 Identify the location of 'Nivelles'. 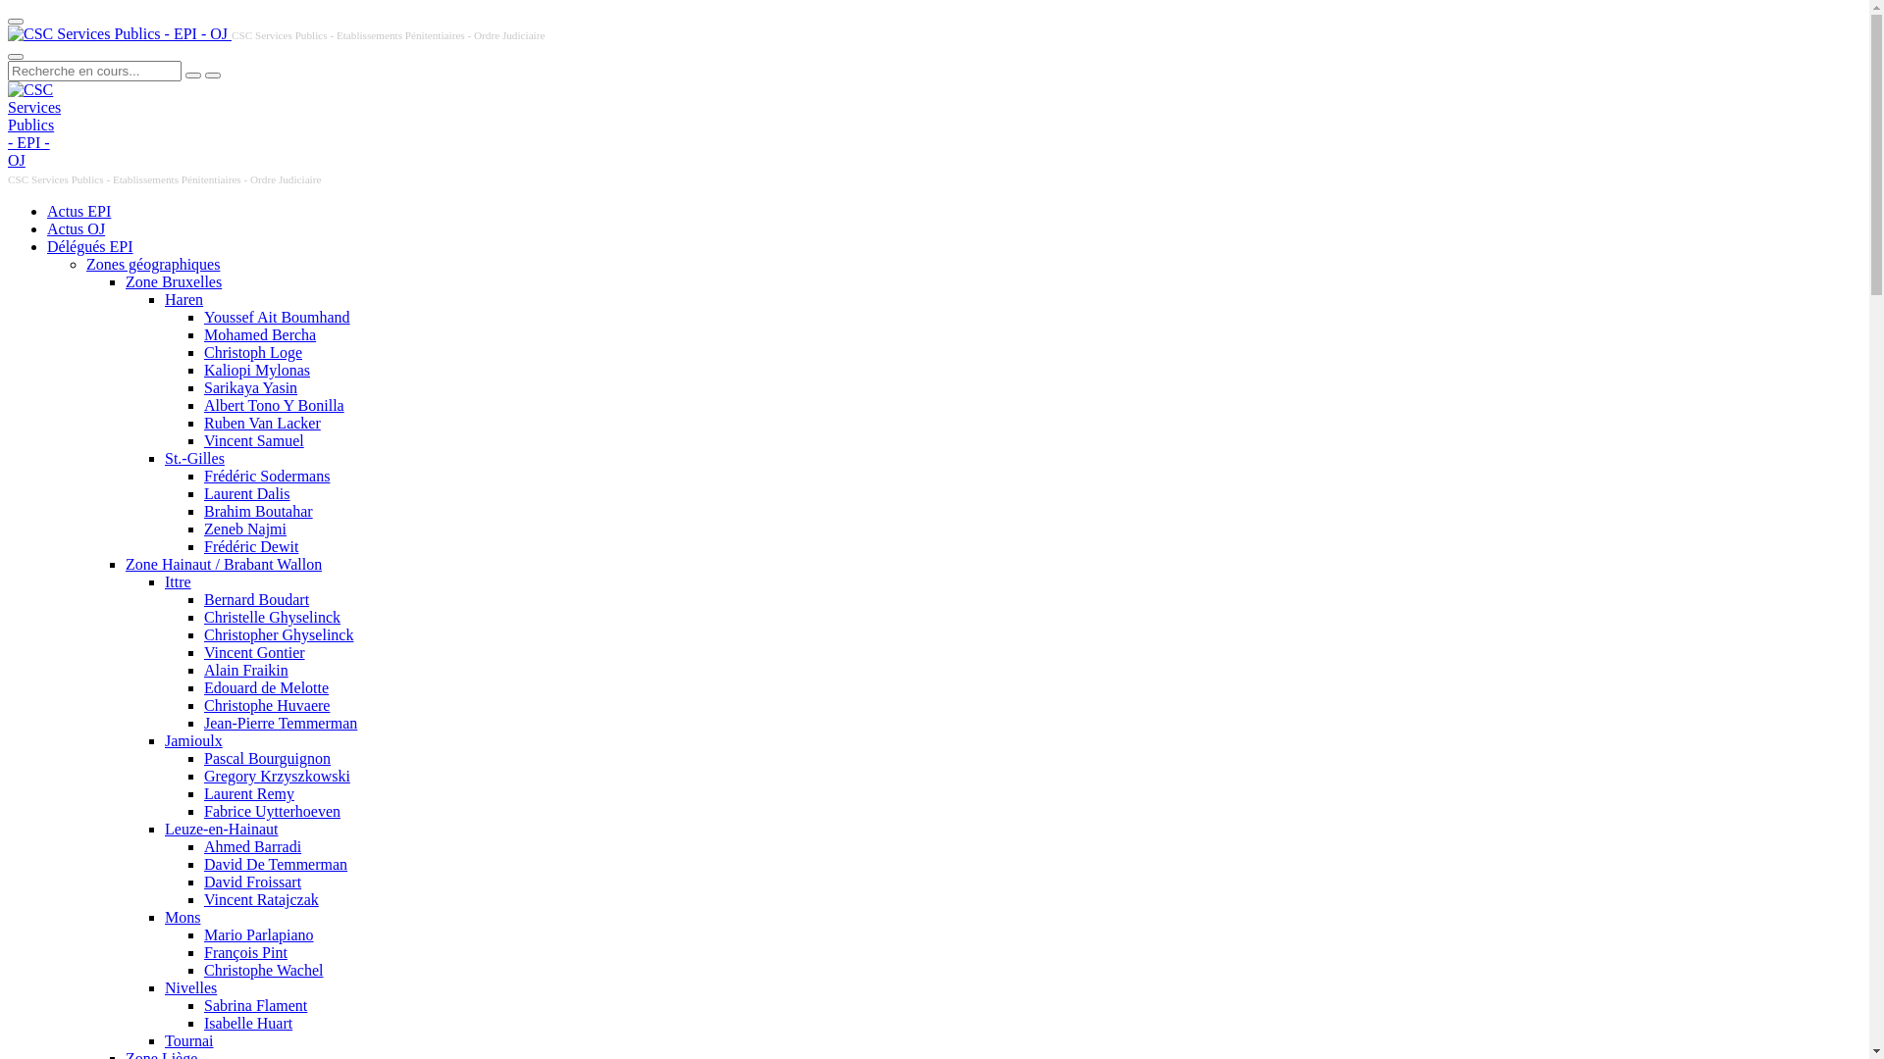
(190, 987).